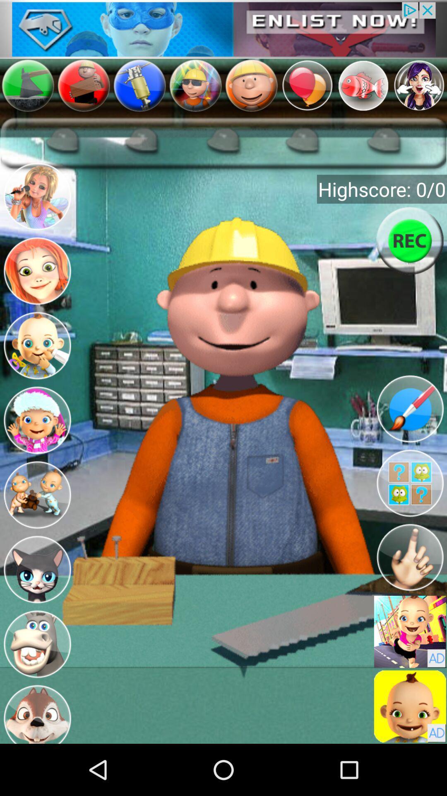 The height and width of the screenshot is (796, 447). What do you see at coordinates (32, 398) in the screenshot?
I see `the weather icon` at bounding box center [32, 398].